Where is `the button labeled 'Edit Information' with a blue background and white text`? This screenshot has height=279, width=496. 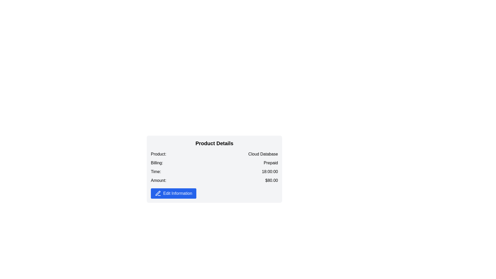
the button labeled 'Edit Information' with a blue background and white text is located at coordinates (174, 193).